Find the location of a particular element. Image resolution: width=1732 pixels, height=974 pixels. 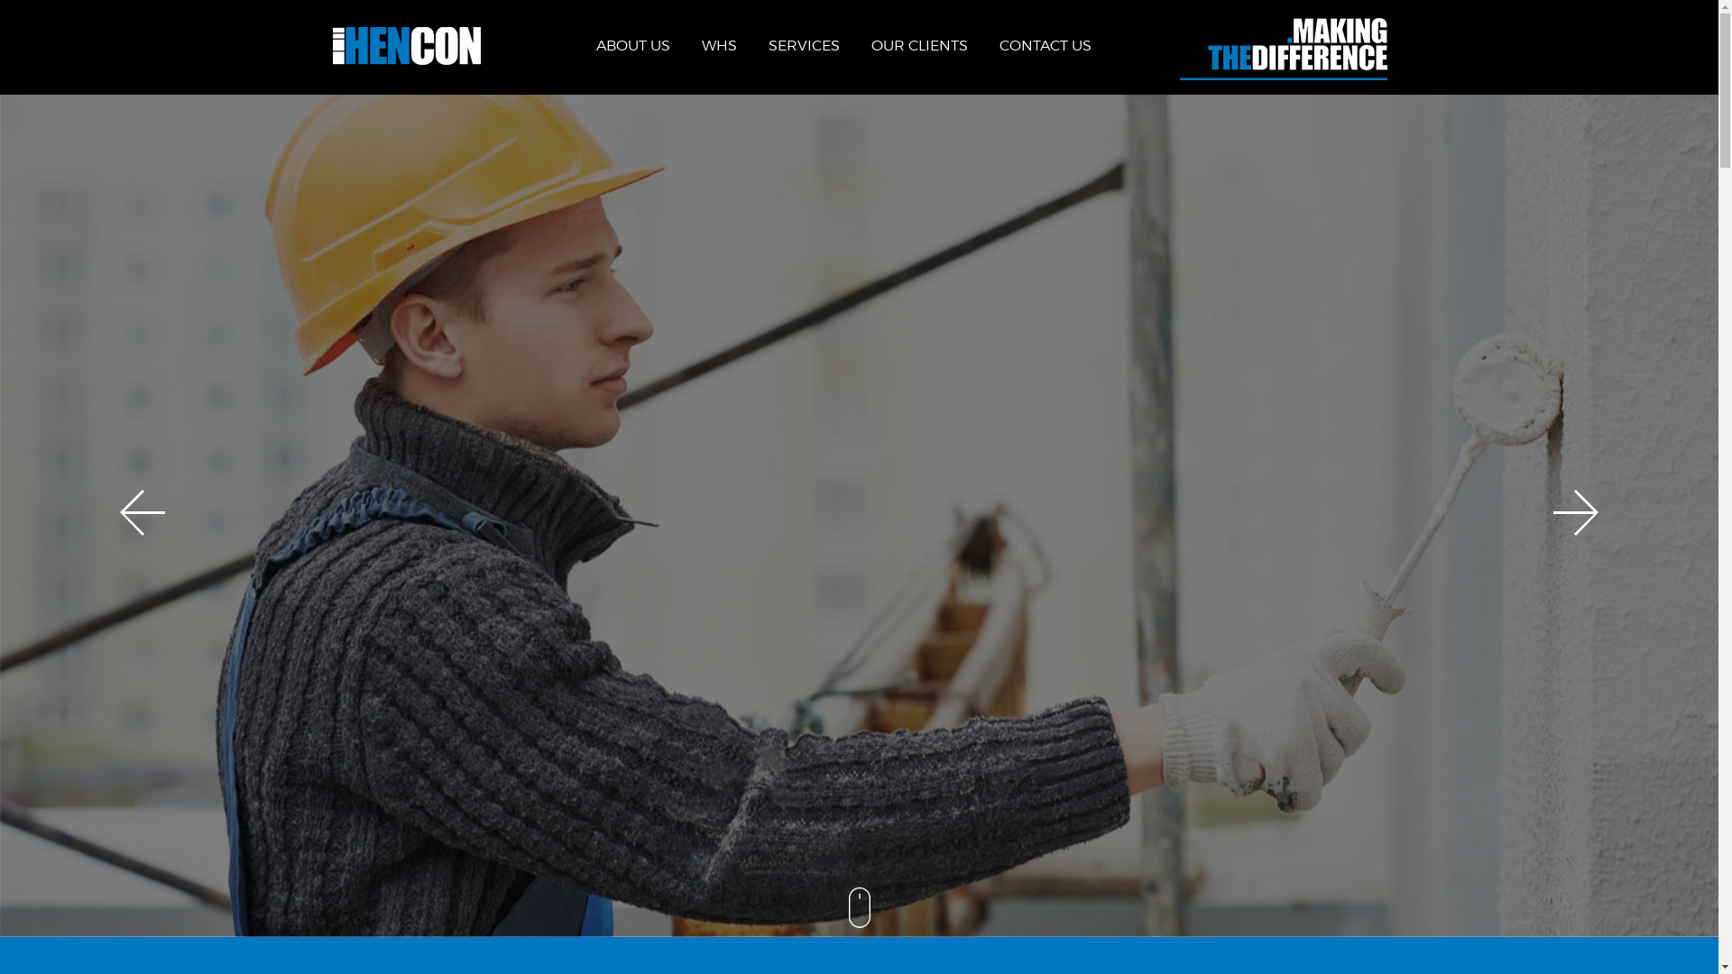

'SERVICES' is located at coordinates (803, 44).